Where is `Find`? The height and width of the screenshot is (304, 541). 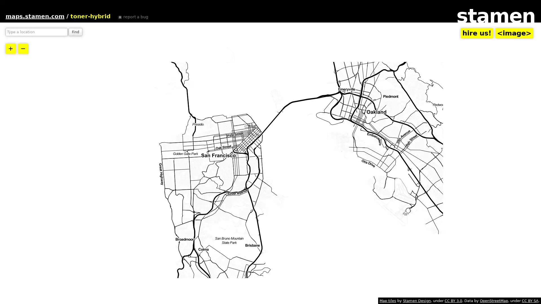 Find is located at coordinates (75, 32).